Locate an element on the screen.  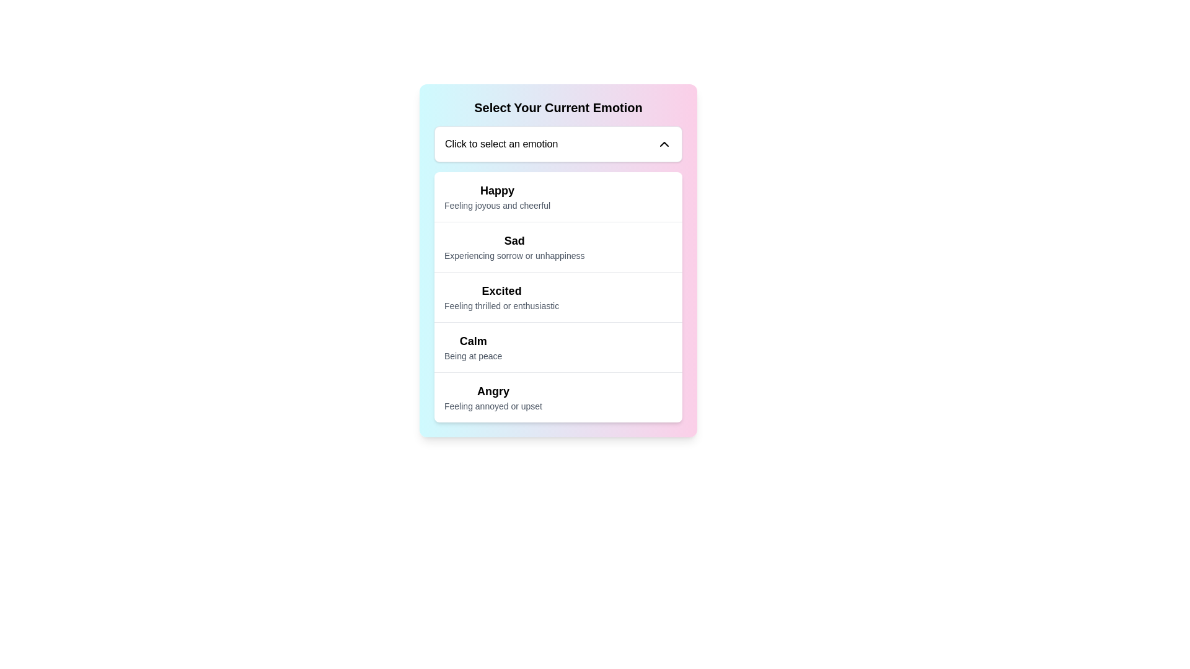
to select the first list item titled 'Happy' with the subtitle 'Feeling joyous and cheerful' is located at coordinates (558, 196).